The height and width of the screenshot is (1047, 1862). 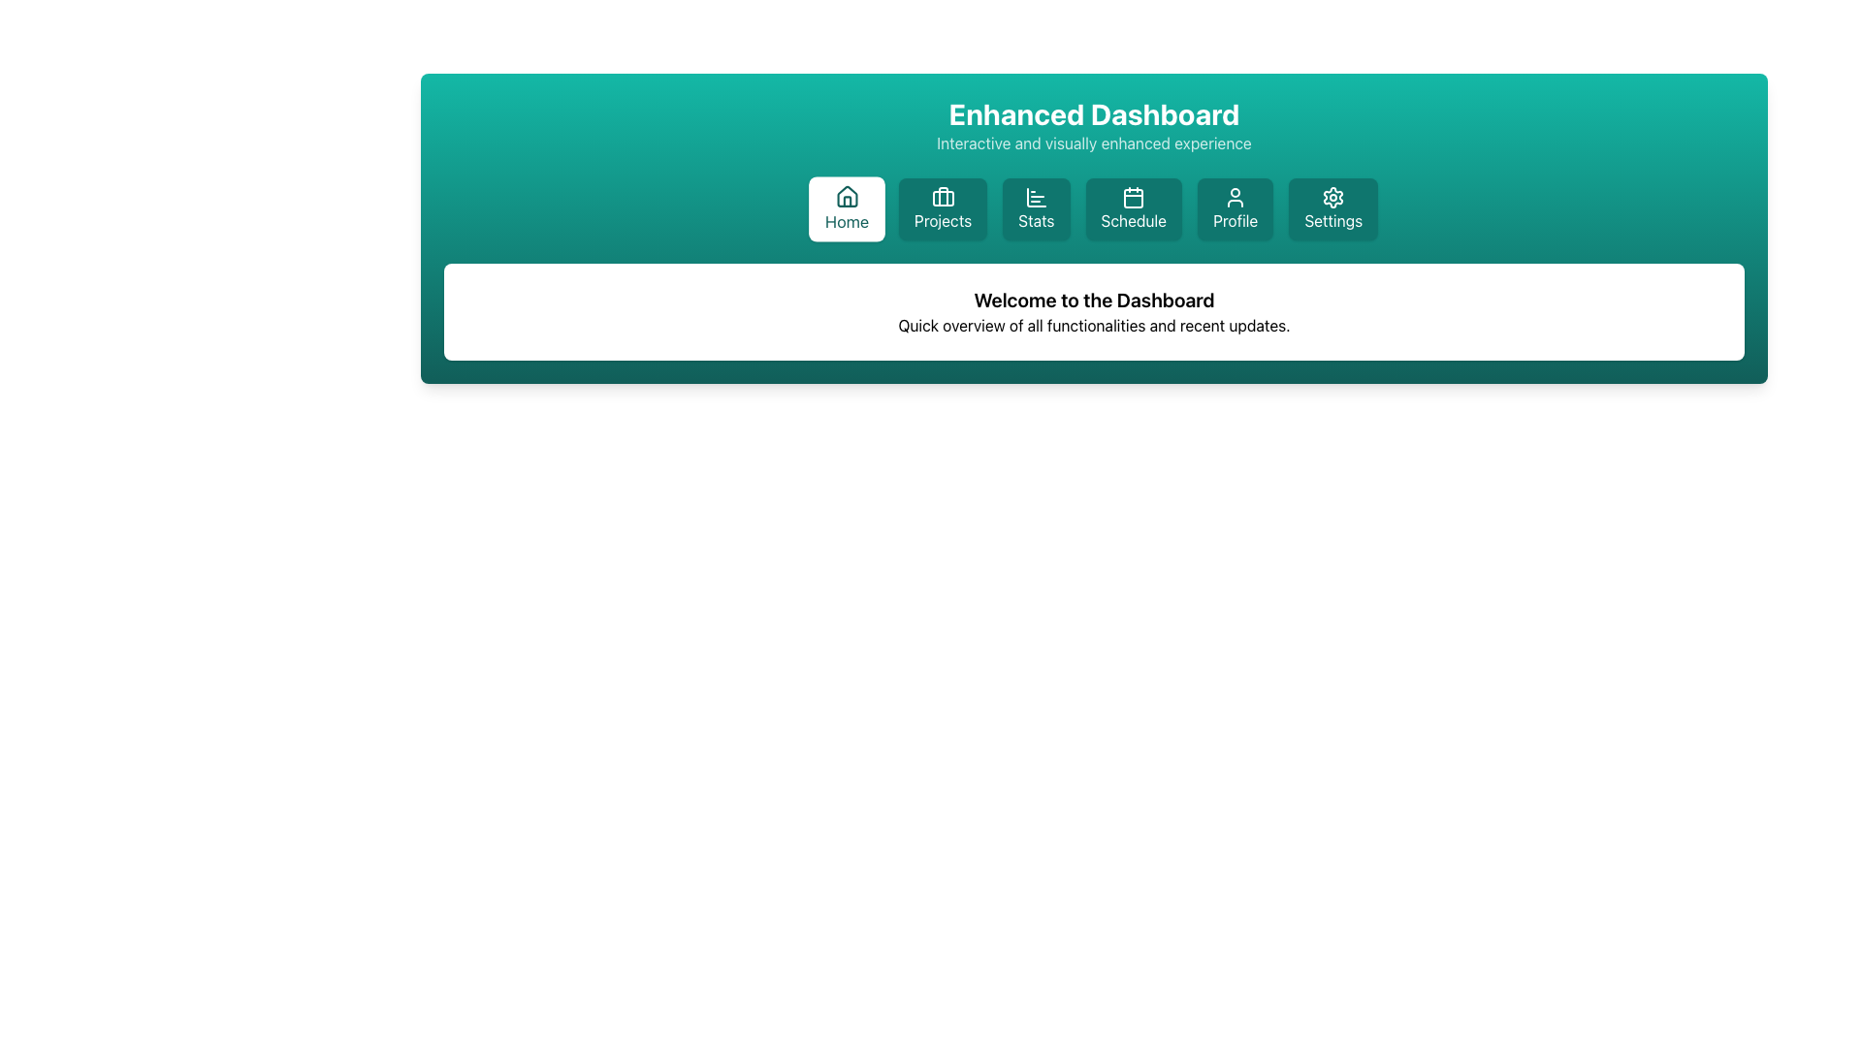 What do you see at coordinates (1035, 219) in the screenshot?
I see `the 'Stats' text label located in the navigation bar` at bounding box center [1035, 219].